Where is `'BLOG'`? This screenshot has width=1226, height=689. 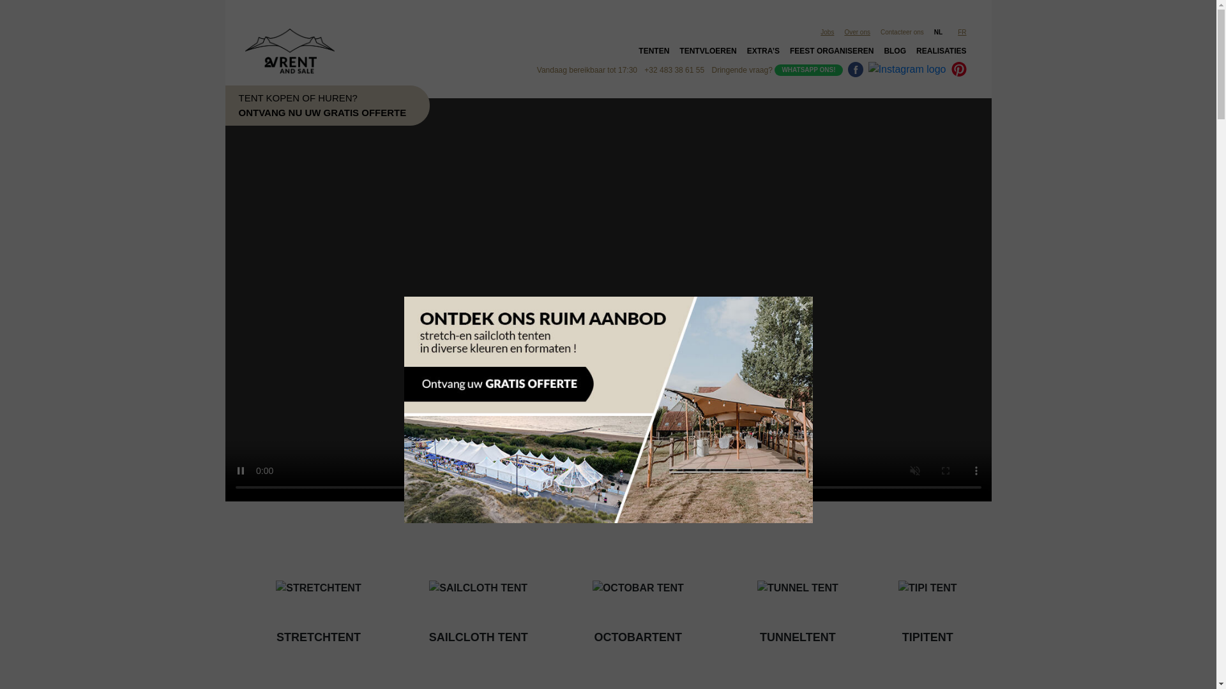
'BLOG' is located at coordinates (894, 53).